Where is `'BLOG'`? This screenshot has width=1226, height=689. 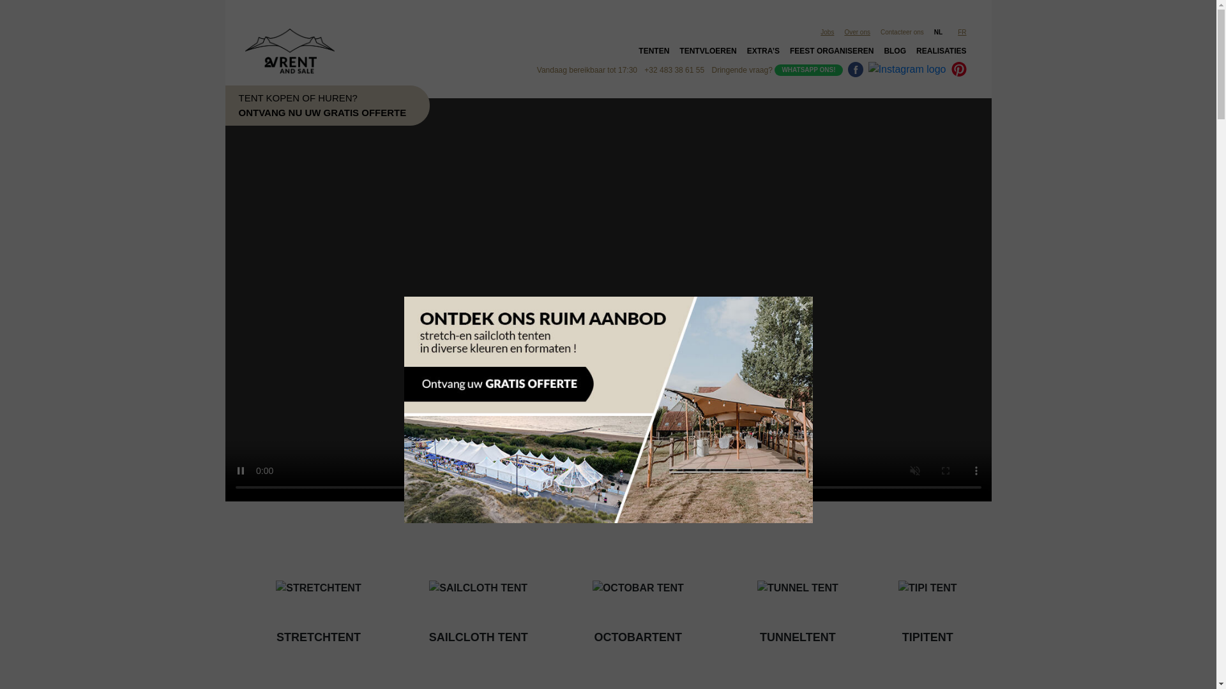
'BLOG' is located at coordinates (894, 53).